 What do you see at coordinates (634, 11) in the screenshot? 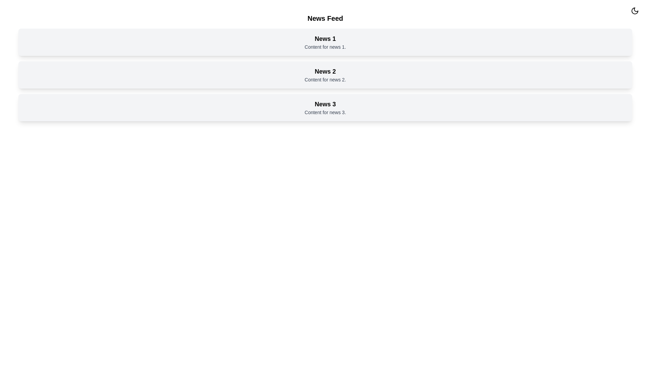
I see `the moon icon located in the top-right corner` at bounding box center [634, 11].